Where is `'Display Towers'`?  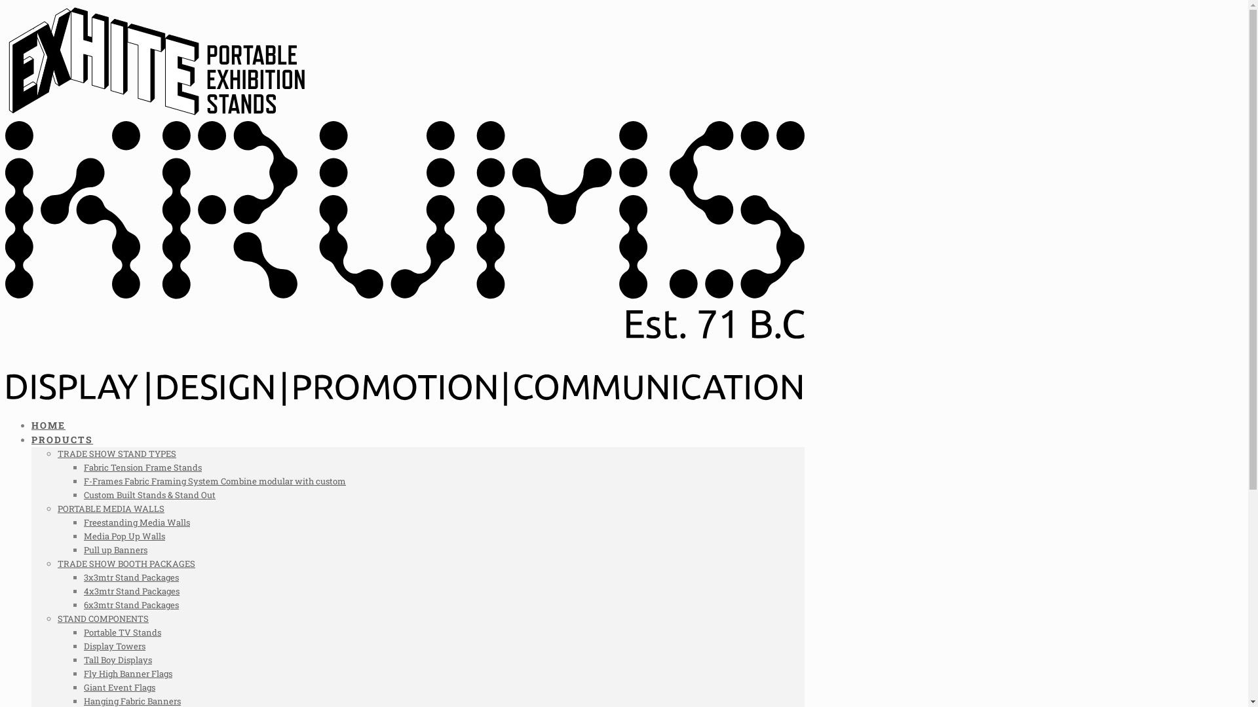
'Display Towers' is located at coordinates (114, 645).